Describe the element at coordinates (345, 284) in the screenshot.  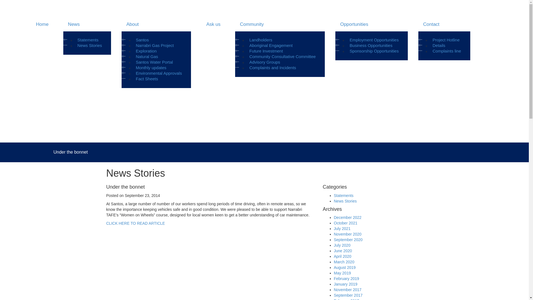
I see `'January 2019'` at that location.